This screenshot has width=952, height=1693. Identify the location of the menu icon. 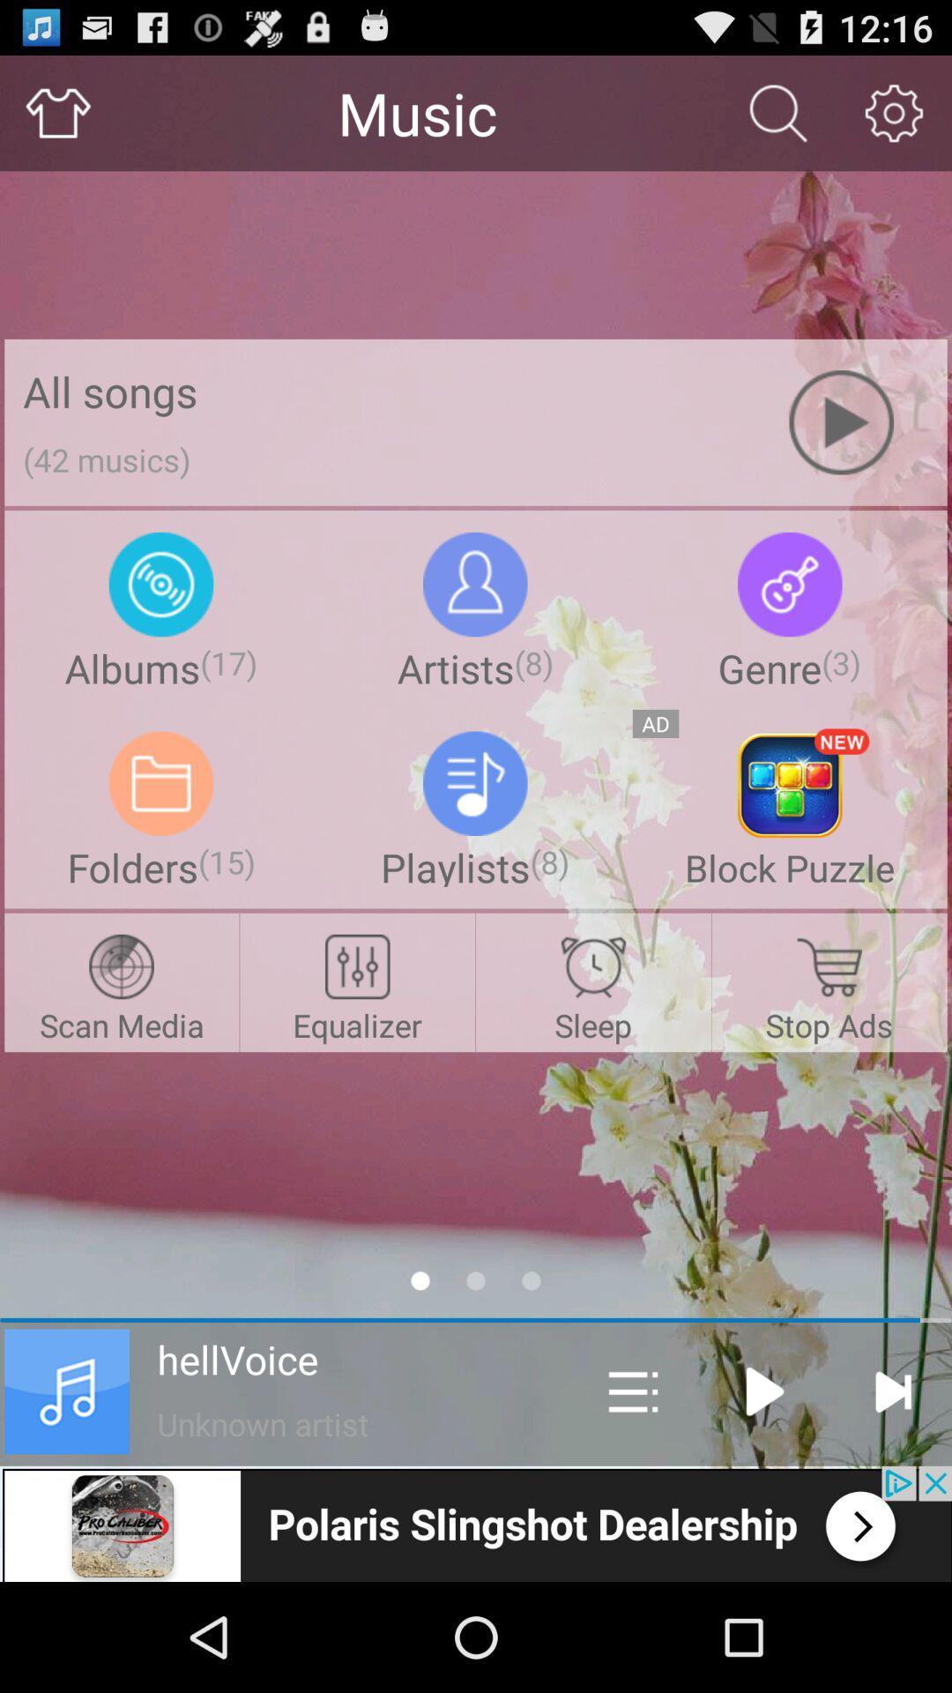
(632, 1488).